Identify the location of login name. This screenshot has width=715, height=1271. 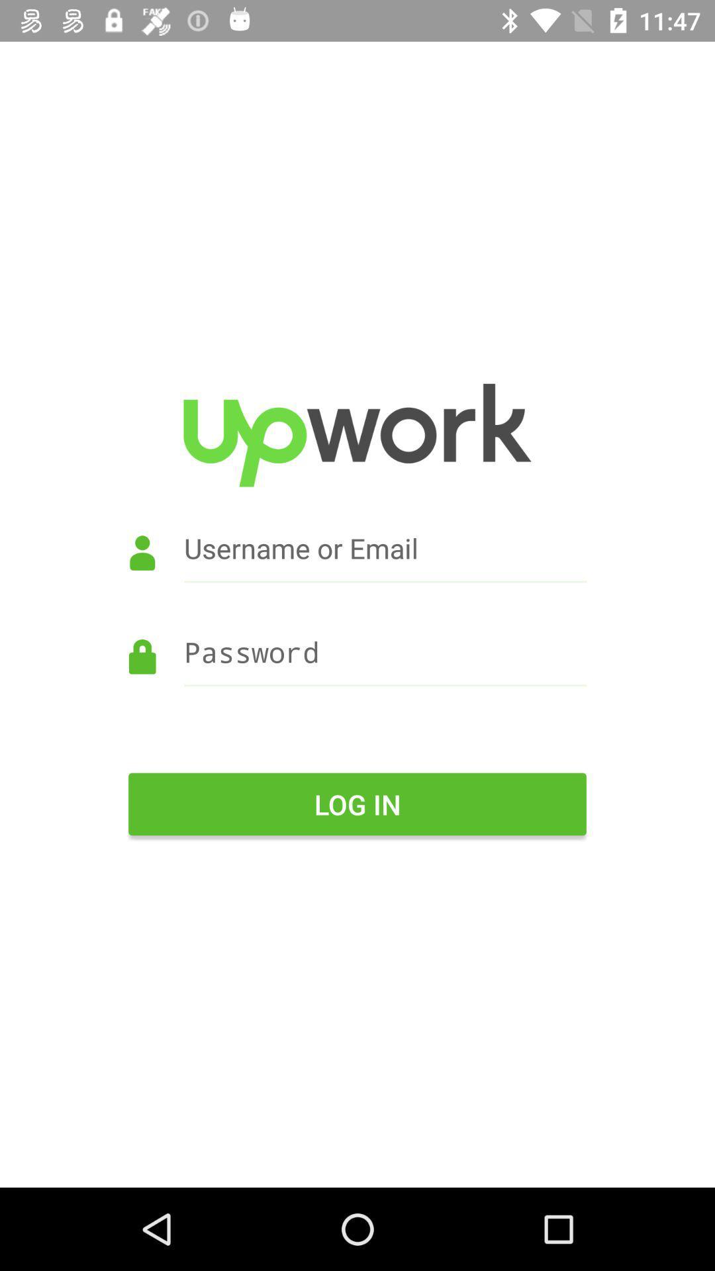
(358, 567).